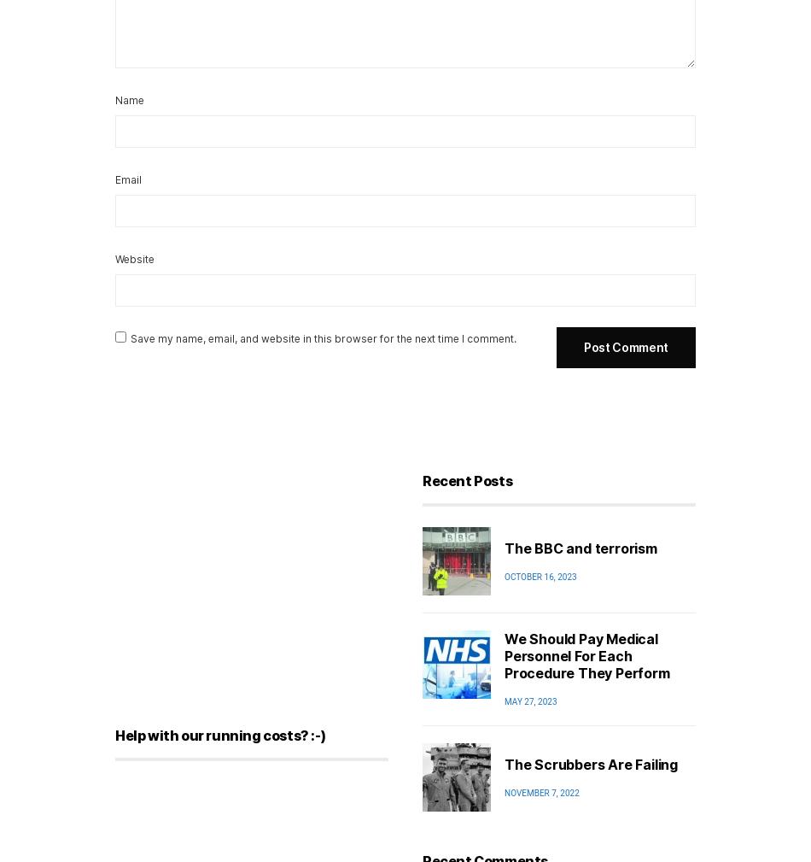 This screenshot has width=811, height=862. What do you see at coordinates (586, 655) in the screenshot?
I see `'We Should Pay Medical Personnel For Each Procedure They Perform'` at bounding box center [586, 655].